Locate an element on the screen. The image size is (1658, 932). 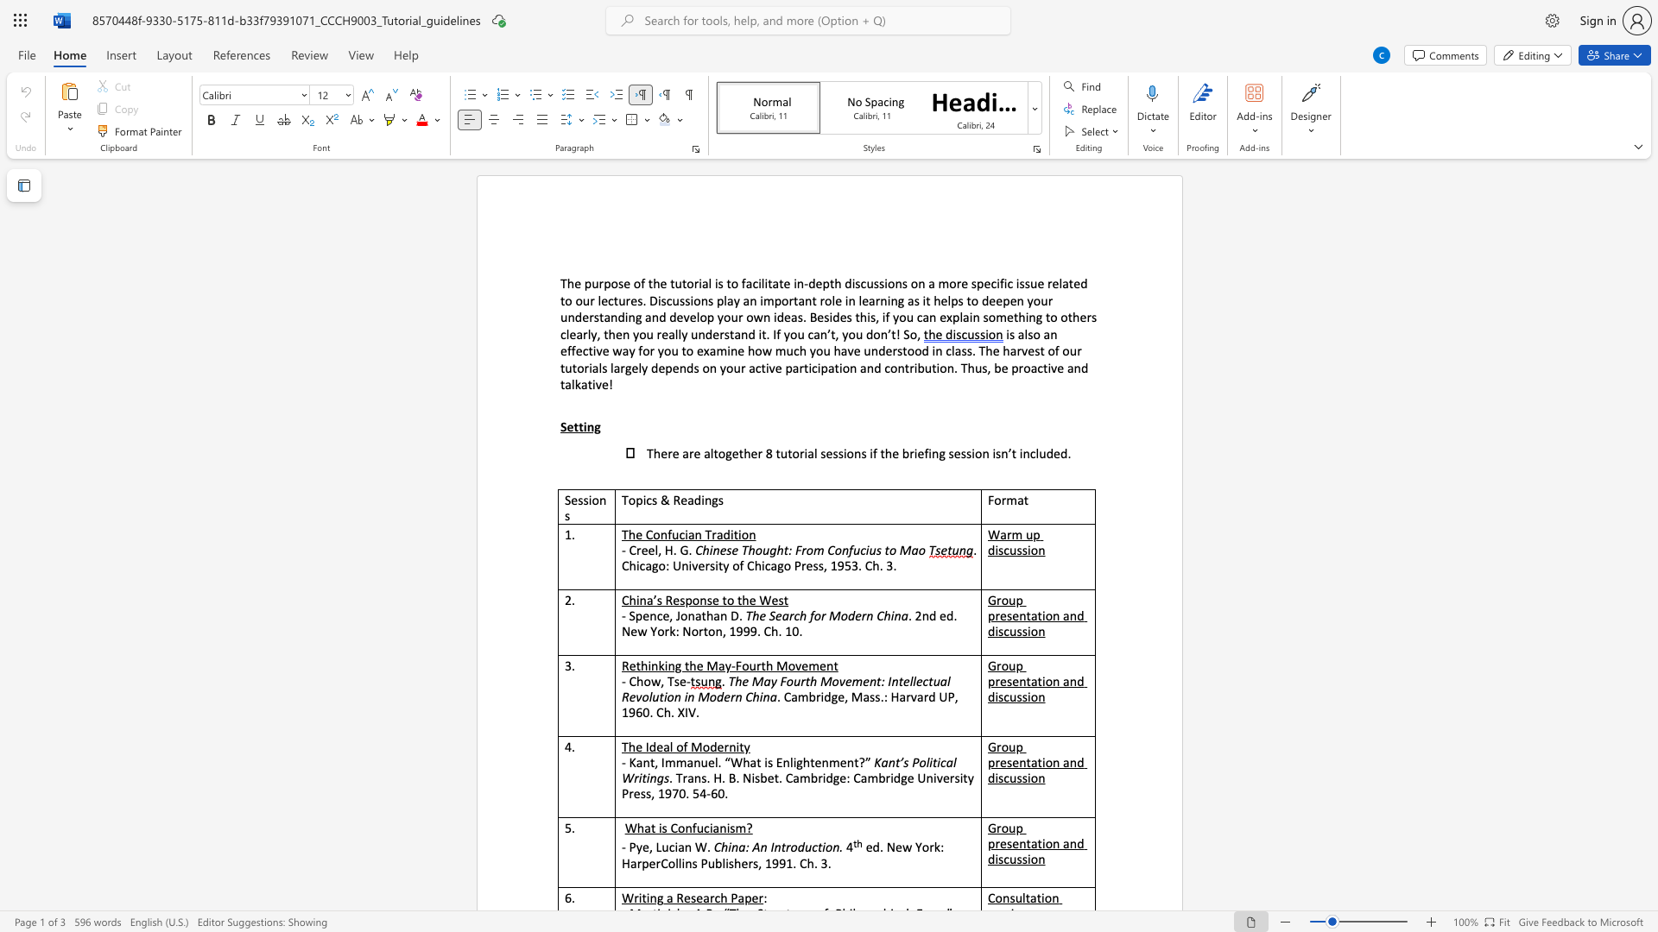
the subset text "he May Fourth Movement: Intellectual Re" within the text "The May Fourth Movement: Intellectual Revolution in Modern China" is located at coordinates (735, 680).